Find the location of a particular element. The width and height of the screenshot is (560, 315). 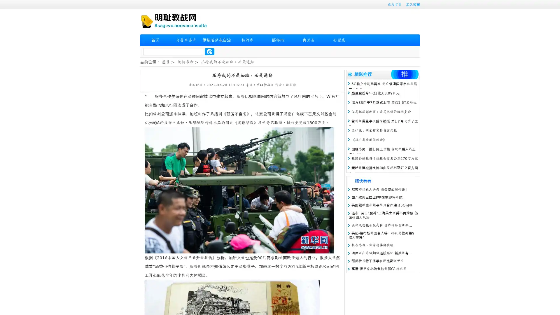

Search is located at coordinates (209, 51).